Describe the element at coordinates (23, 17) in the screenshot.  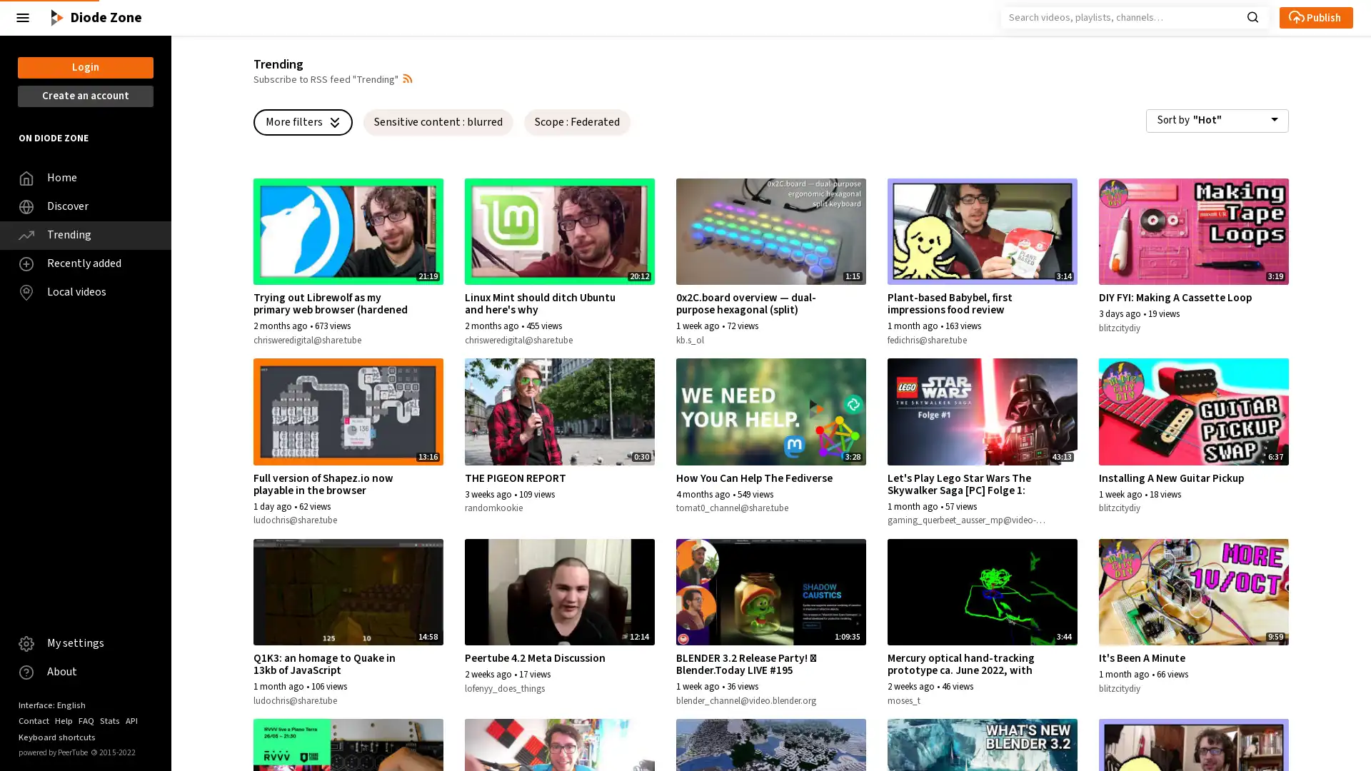
I see `Close the left menu` at that location.